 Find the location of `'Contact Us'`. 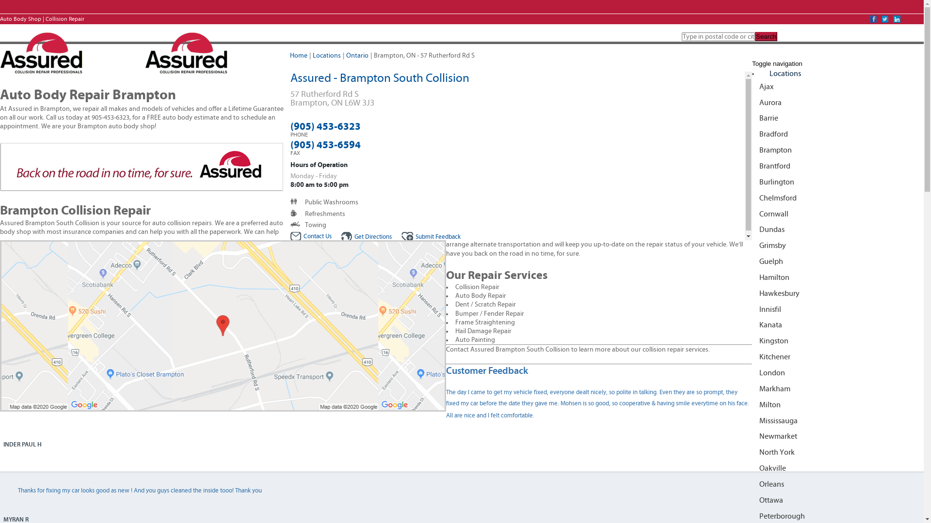

'Contact Us' is located at coordinates (310, 236).